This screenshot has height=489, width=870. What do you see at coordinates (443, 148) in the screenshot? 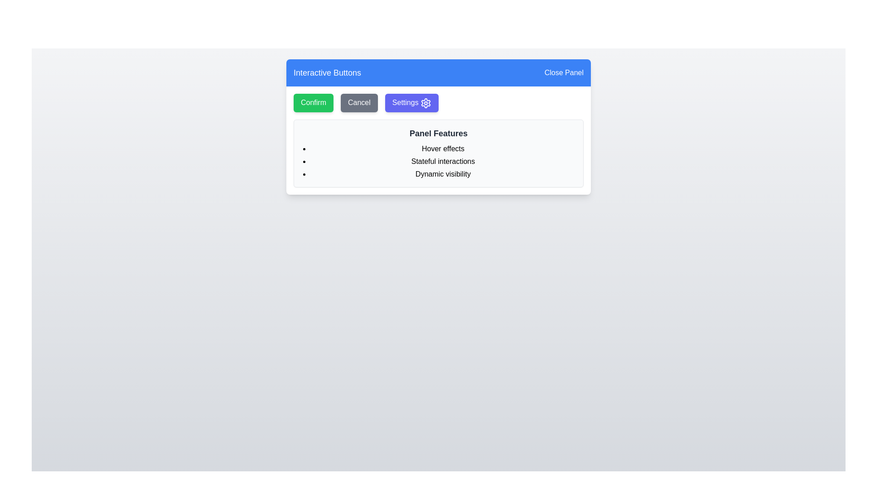
I see `static text label for 'Hover effects', which is the first item in the bullet list under 'Panel Features'` at bounding box center [443, 148].